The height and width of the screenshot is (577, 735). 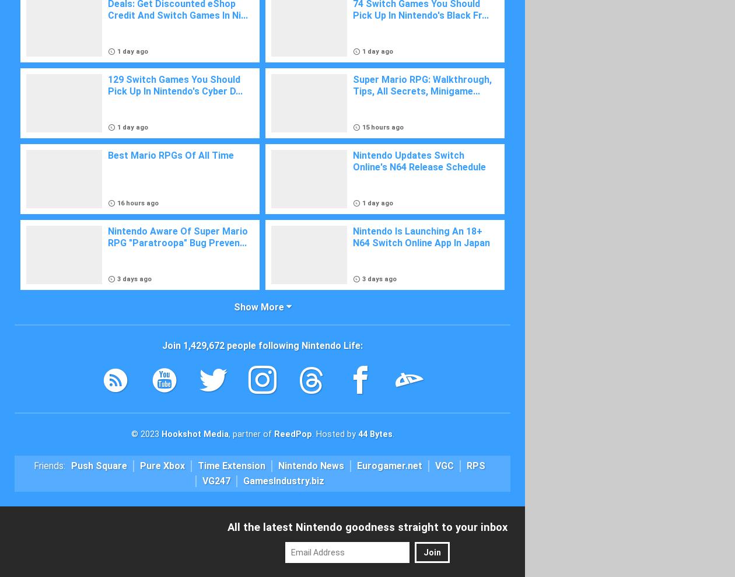 I want to click on '1,429,672', so click(x=204, y=345).